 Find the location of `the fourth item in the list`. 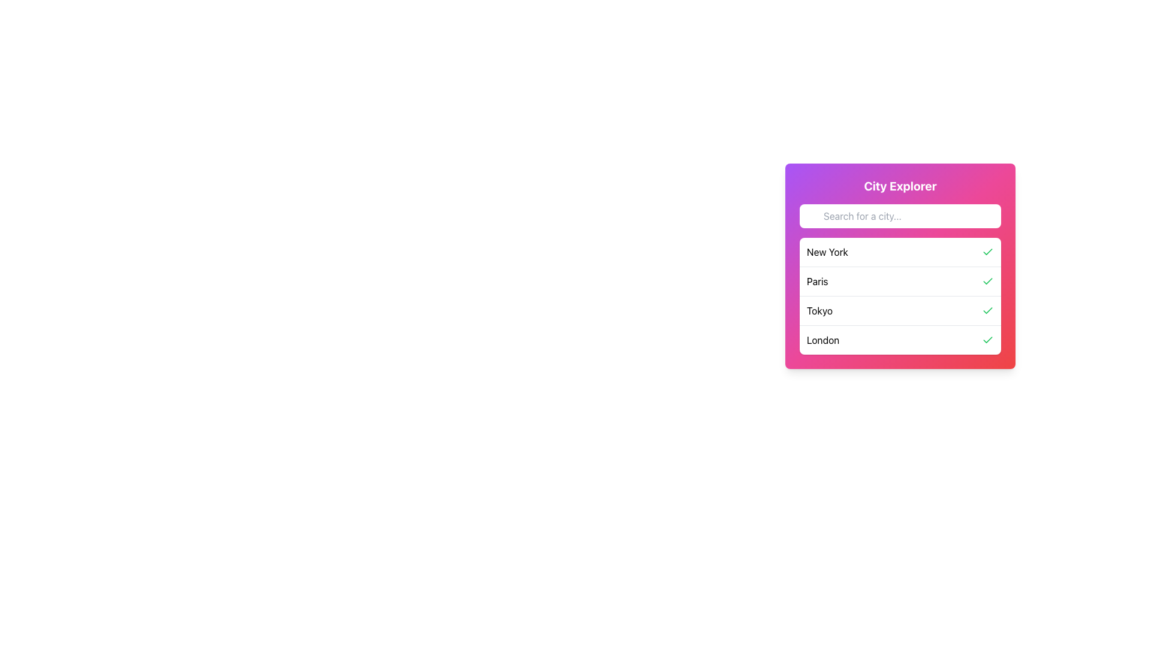

the fourth item in the list is located at coordinates (900, 340).